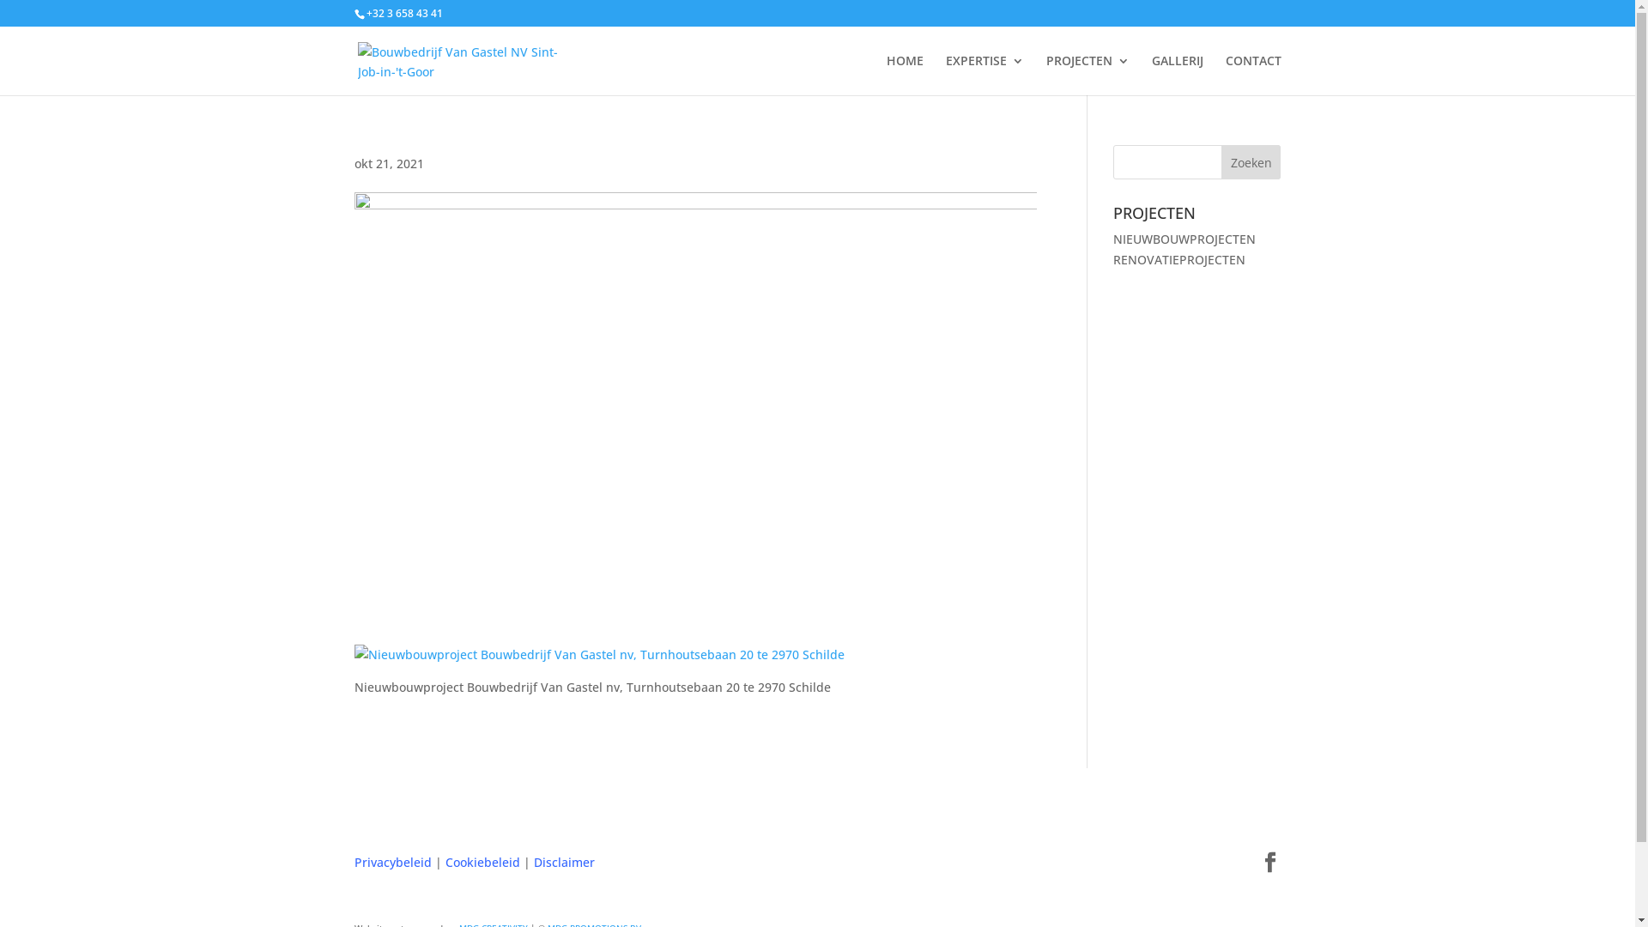 This screenshot has height=927, width=1648. Describe the element at coordinates (1177, 74) in the screenshot. I see `'GALLERIJ'` at that location.